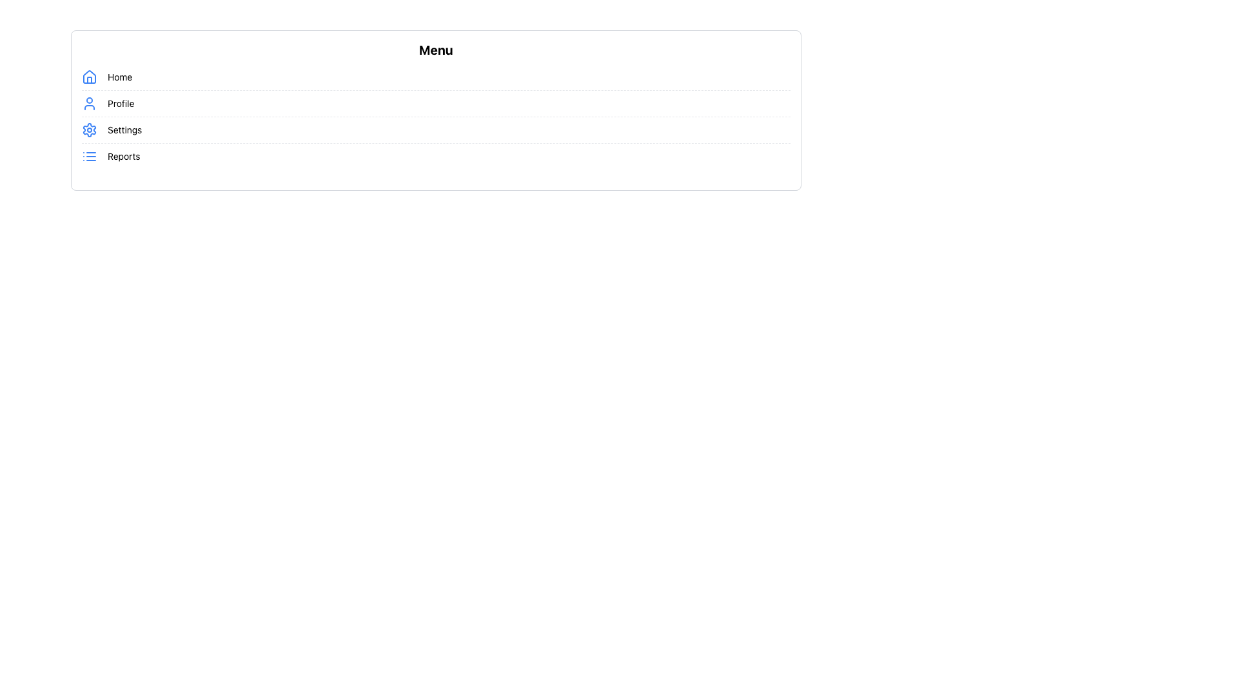 The height and width of the screenshot is (696, 1238). What do you see at coordinates (89, 130) in the screenshot?
I see `the outer gear shape of the 'Settings' icon in the menu, located adjacent to the 'Settings' label, which is the third item in the menu list` at bounding box center [89, 130].